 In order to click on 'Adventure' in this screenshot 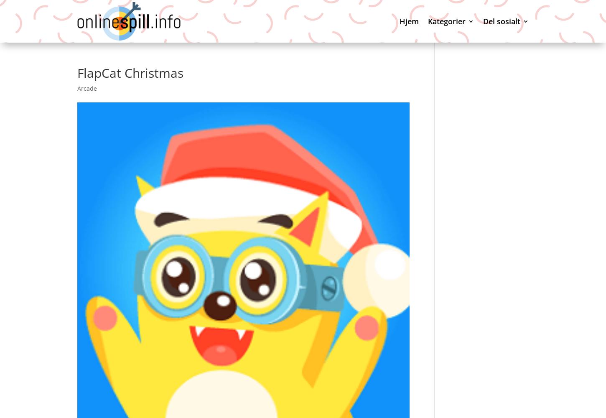, I will do `click(458, 74)`.